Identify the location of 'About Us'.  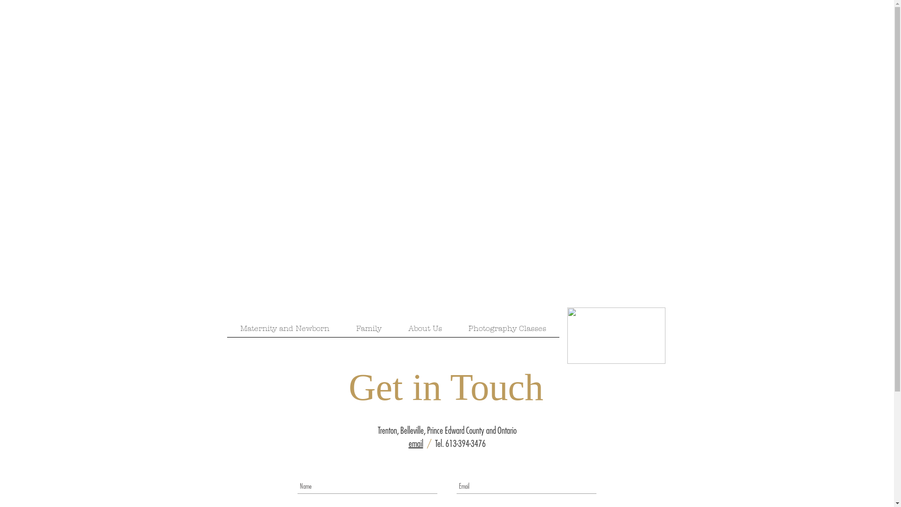
(425, 330).